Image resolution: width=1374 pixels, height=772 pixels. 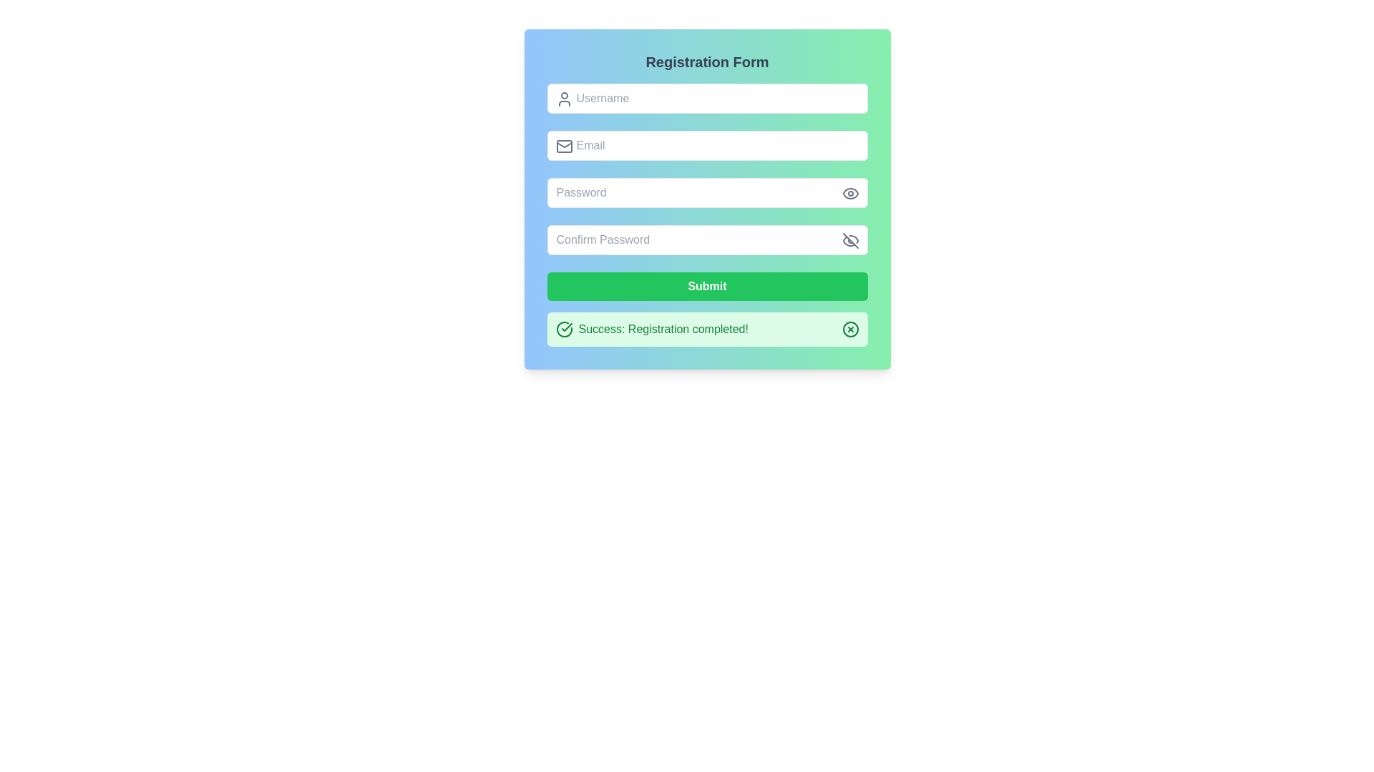 What do you see at coordinates (850, 239) in the screenshot?
I see `the eye icon with a slash through it, which is gray and located to the right of the password confirmation input field` at bounding box center [850, 239].